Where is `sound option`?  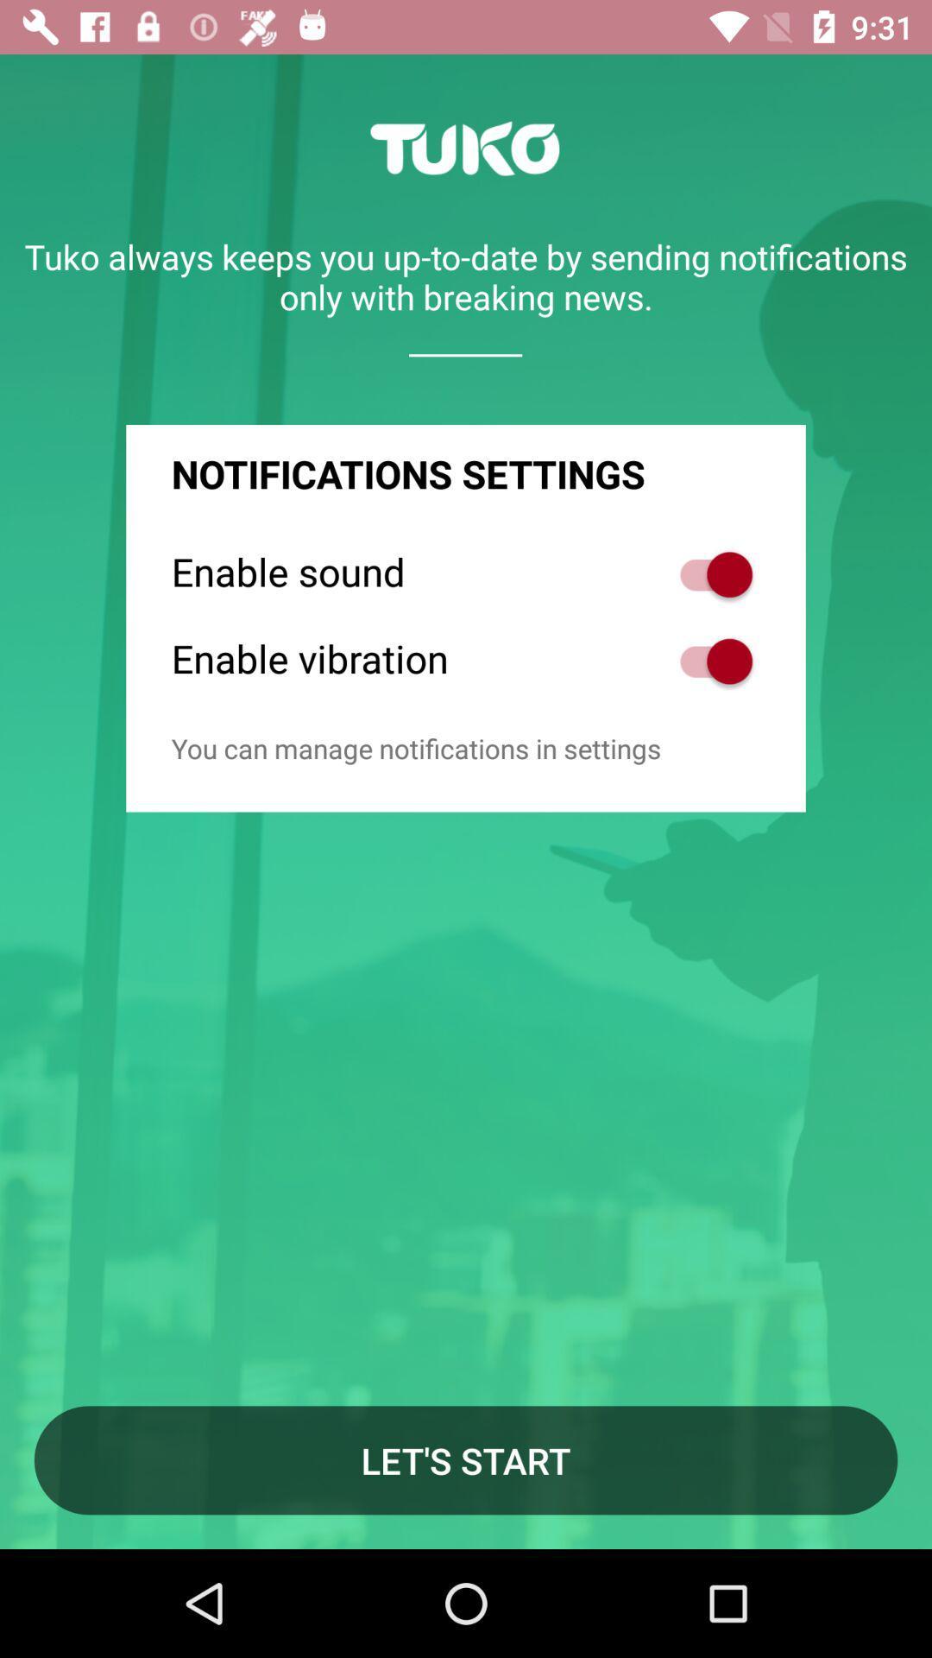 sound option is located at coordinates (707, 574).